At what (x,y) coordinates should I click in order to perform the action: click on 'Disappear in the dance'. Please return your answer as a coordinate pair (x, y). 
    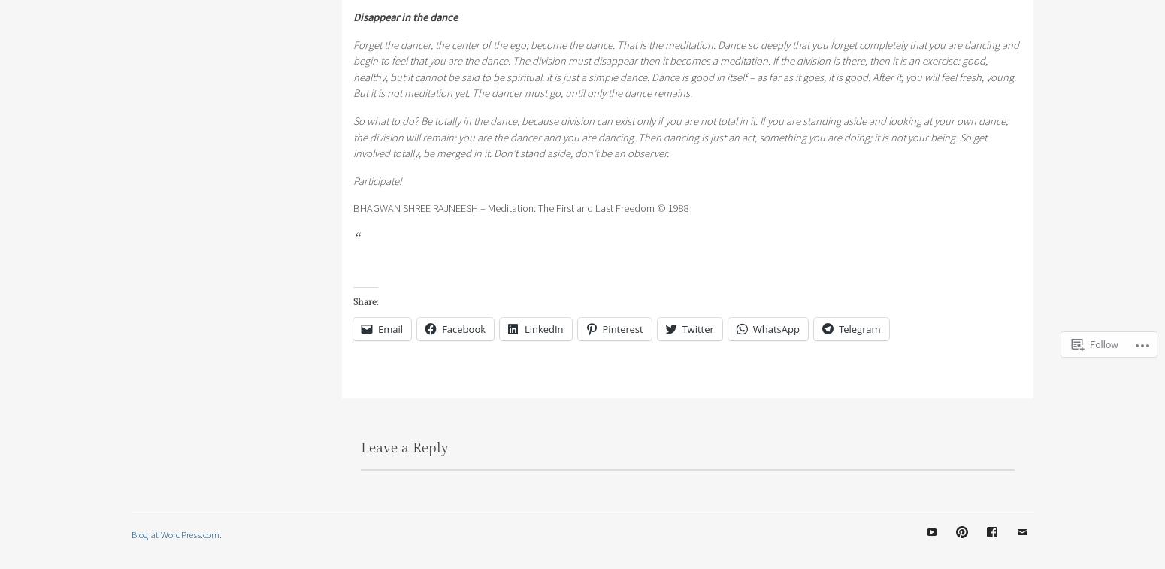
    Looking at the image, I should click on (404, 16).